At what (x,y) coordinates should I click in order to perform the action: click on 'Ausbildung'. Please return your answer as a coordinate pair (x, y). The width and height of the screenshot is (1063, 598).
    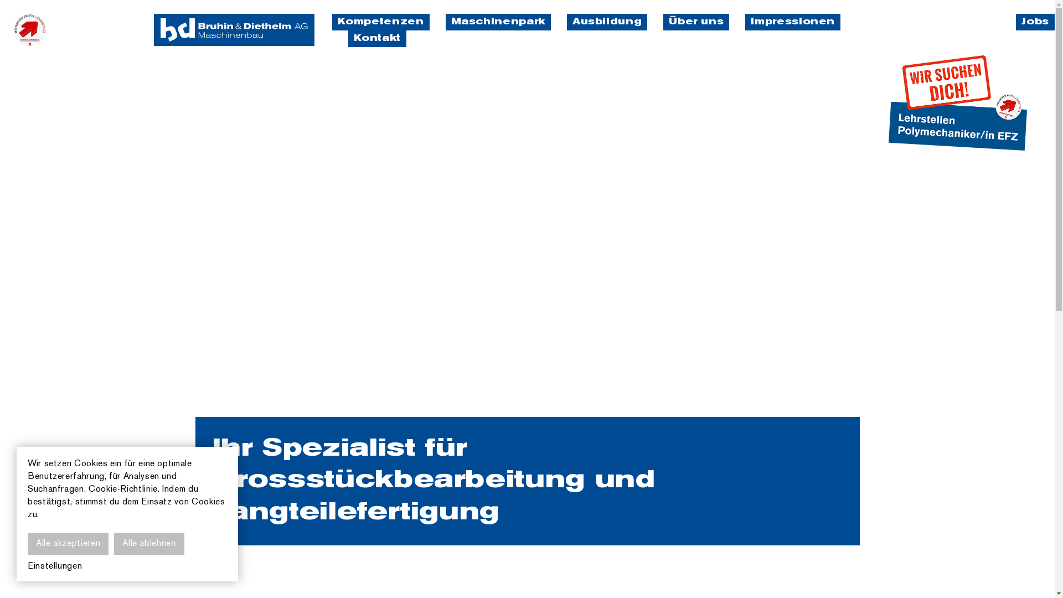
    Looking at the image, I should click on (566, 22).